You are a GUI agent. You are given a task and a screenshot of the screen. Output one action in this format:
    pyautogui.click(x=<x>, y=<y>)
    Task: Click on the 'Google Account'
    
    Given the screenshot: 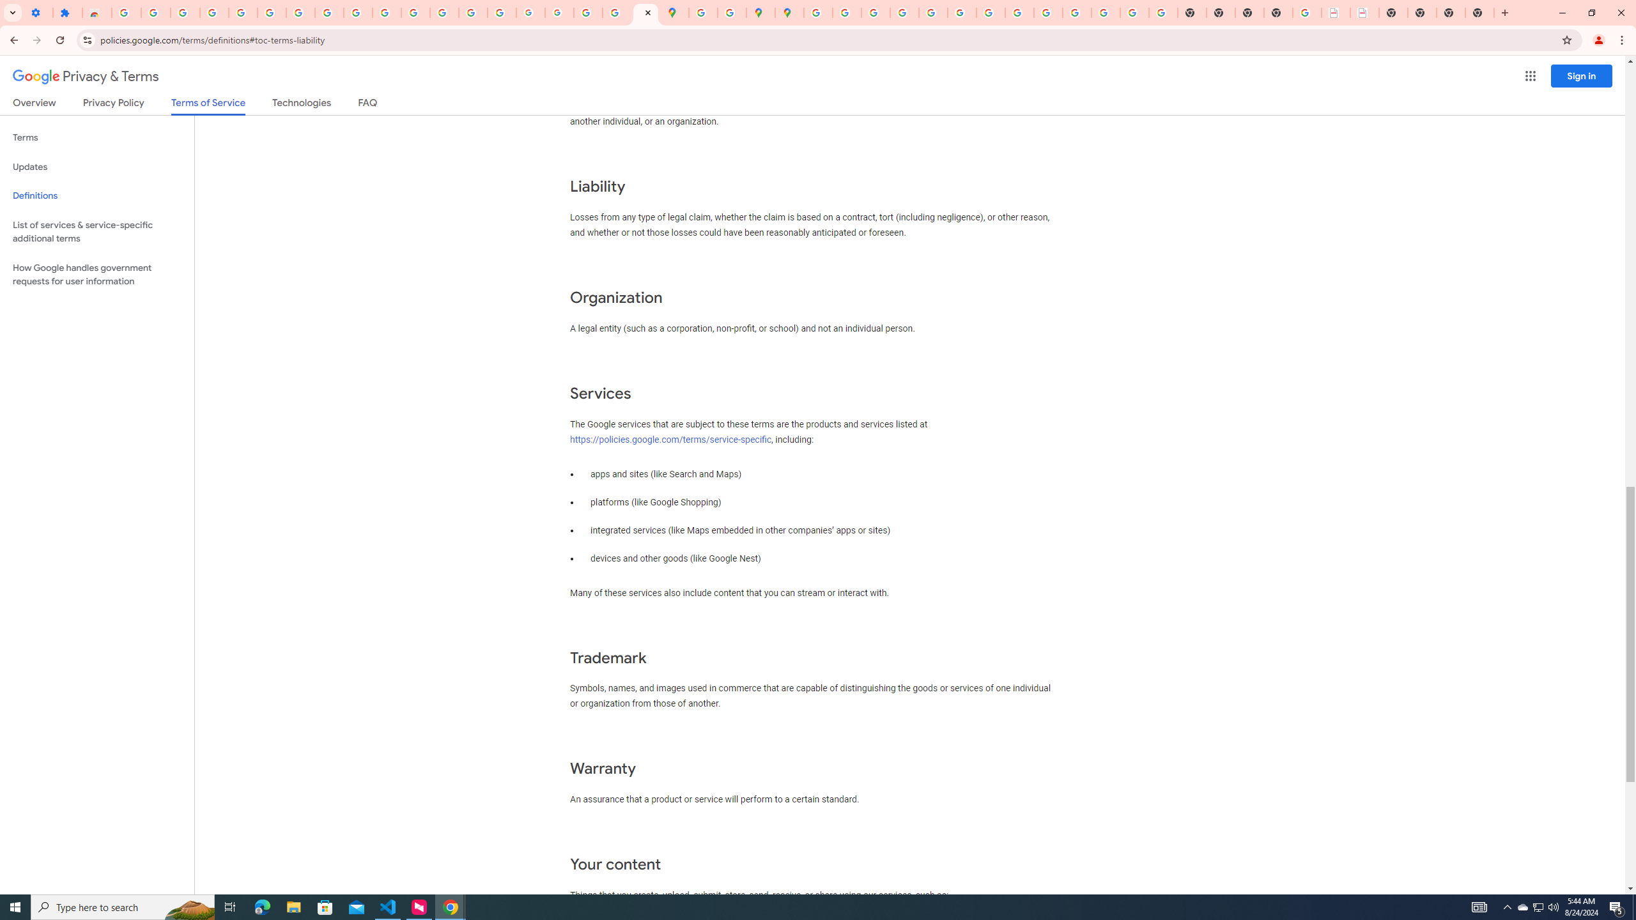 What is the action you would take?
    pyautogui.click(x=328, y=12)
    